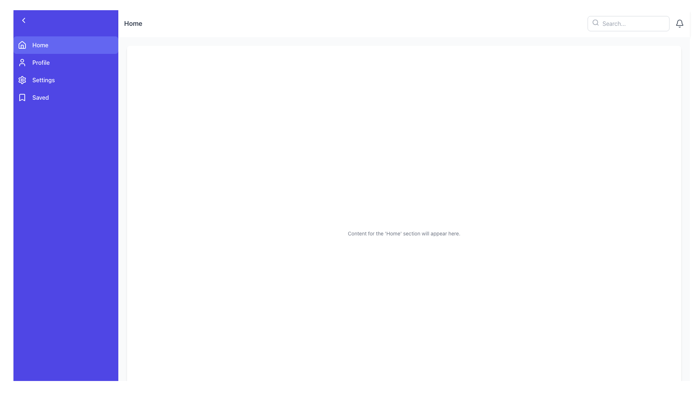  Describe the element at coordinates (22, 45) in the screenshot. I see `the house-shaped icon located at the top left of the vertical navigation menu` at that location.